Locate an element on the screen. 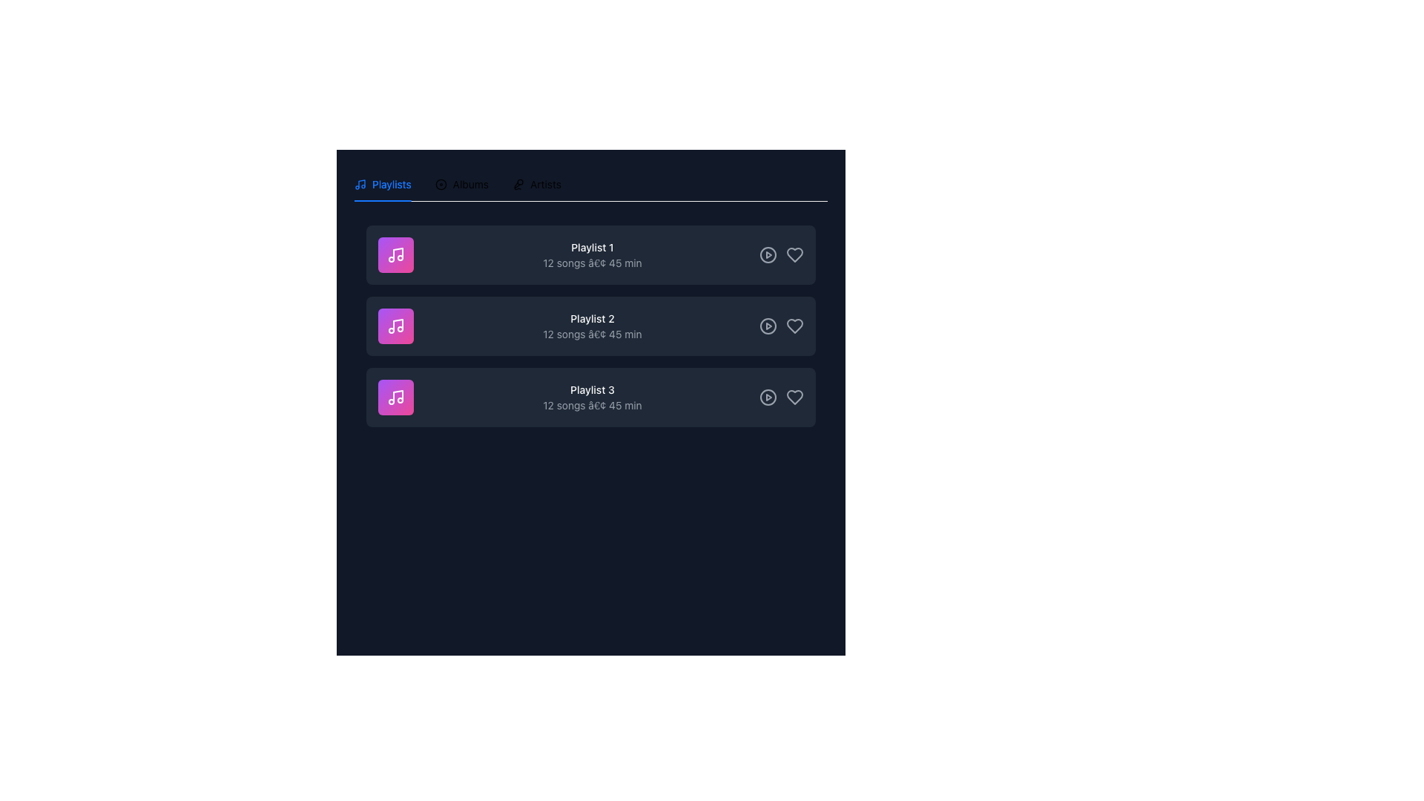  the 'Playlists' tab, which is the first tab on the top left of the interface is located at coordinates (383, 184).